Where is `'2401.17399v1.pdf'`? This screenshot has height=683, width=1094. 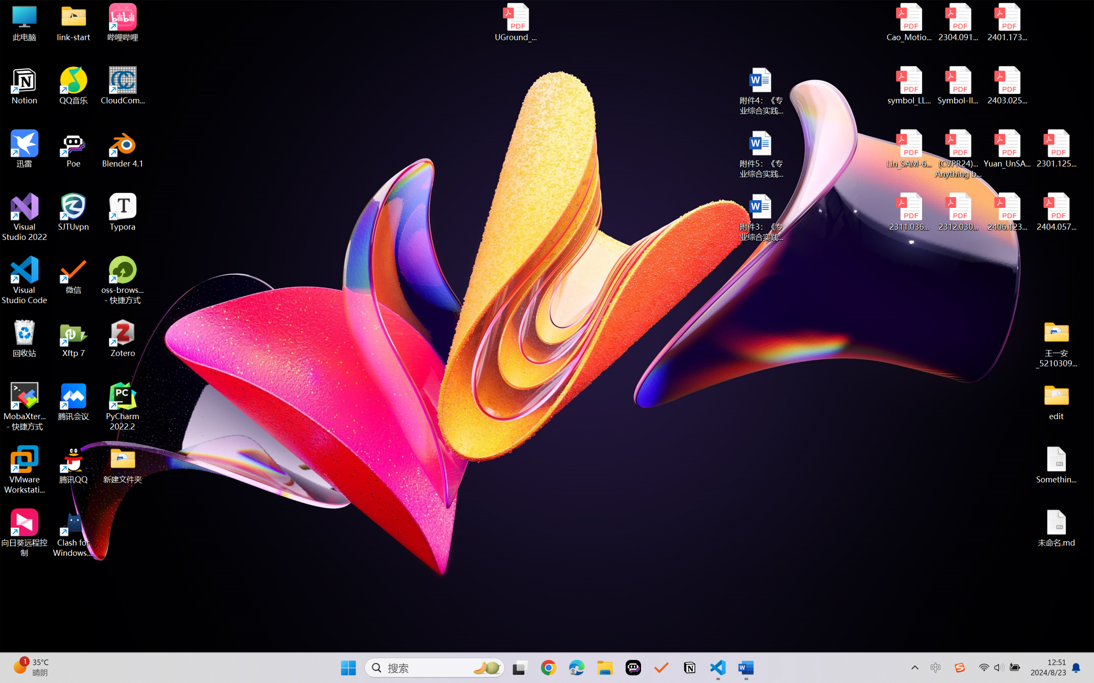
'2401.17399v1.pdf' is located at coordinates (1006, 22).